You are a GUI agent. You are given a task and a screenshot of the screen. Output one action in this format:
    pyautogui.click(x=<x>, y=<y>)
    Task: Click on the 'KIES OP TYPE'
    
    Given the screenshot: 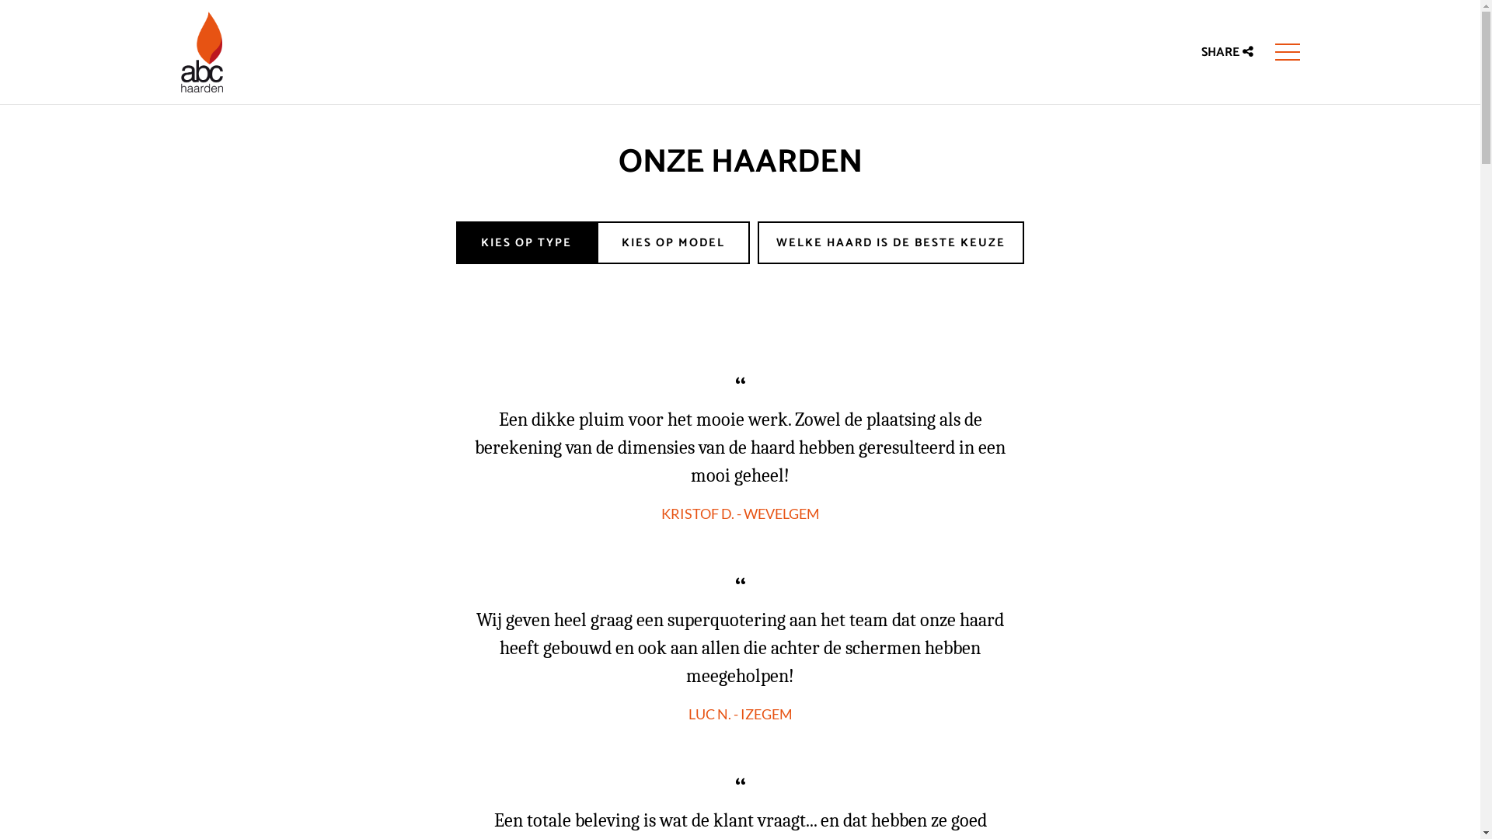 What is the action you would take?
    pyautogui.click(x=455, y=242)
    